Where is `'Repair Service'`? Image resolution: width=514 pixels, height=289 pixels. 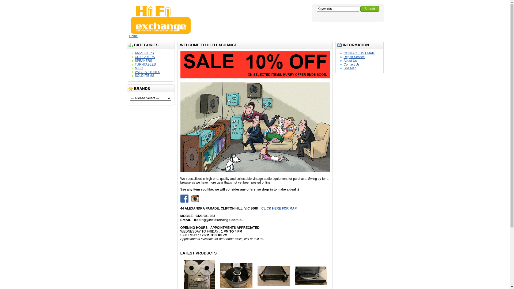
'Repair Service' is located at coordinates (354, 57).